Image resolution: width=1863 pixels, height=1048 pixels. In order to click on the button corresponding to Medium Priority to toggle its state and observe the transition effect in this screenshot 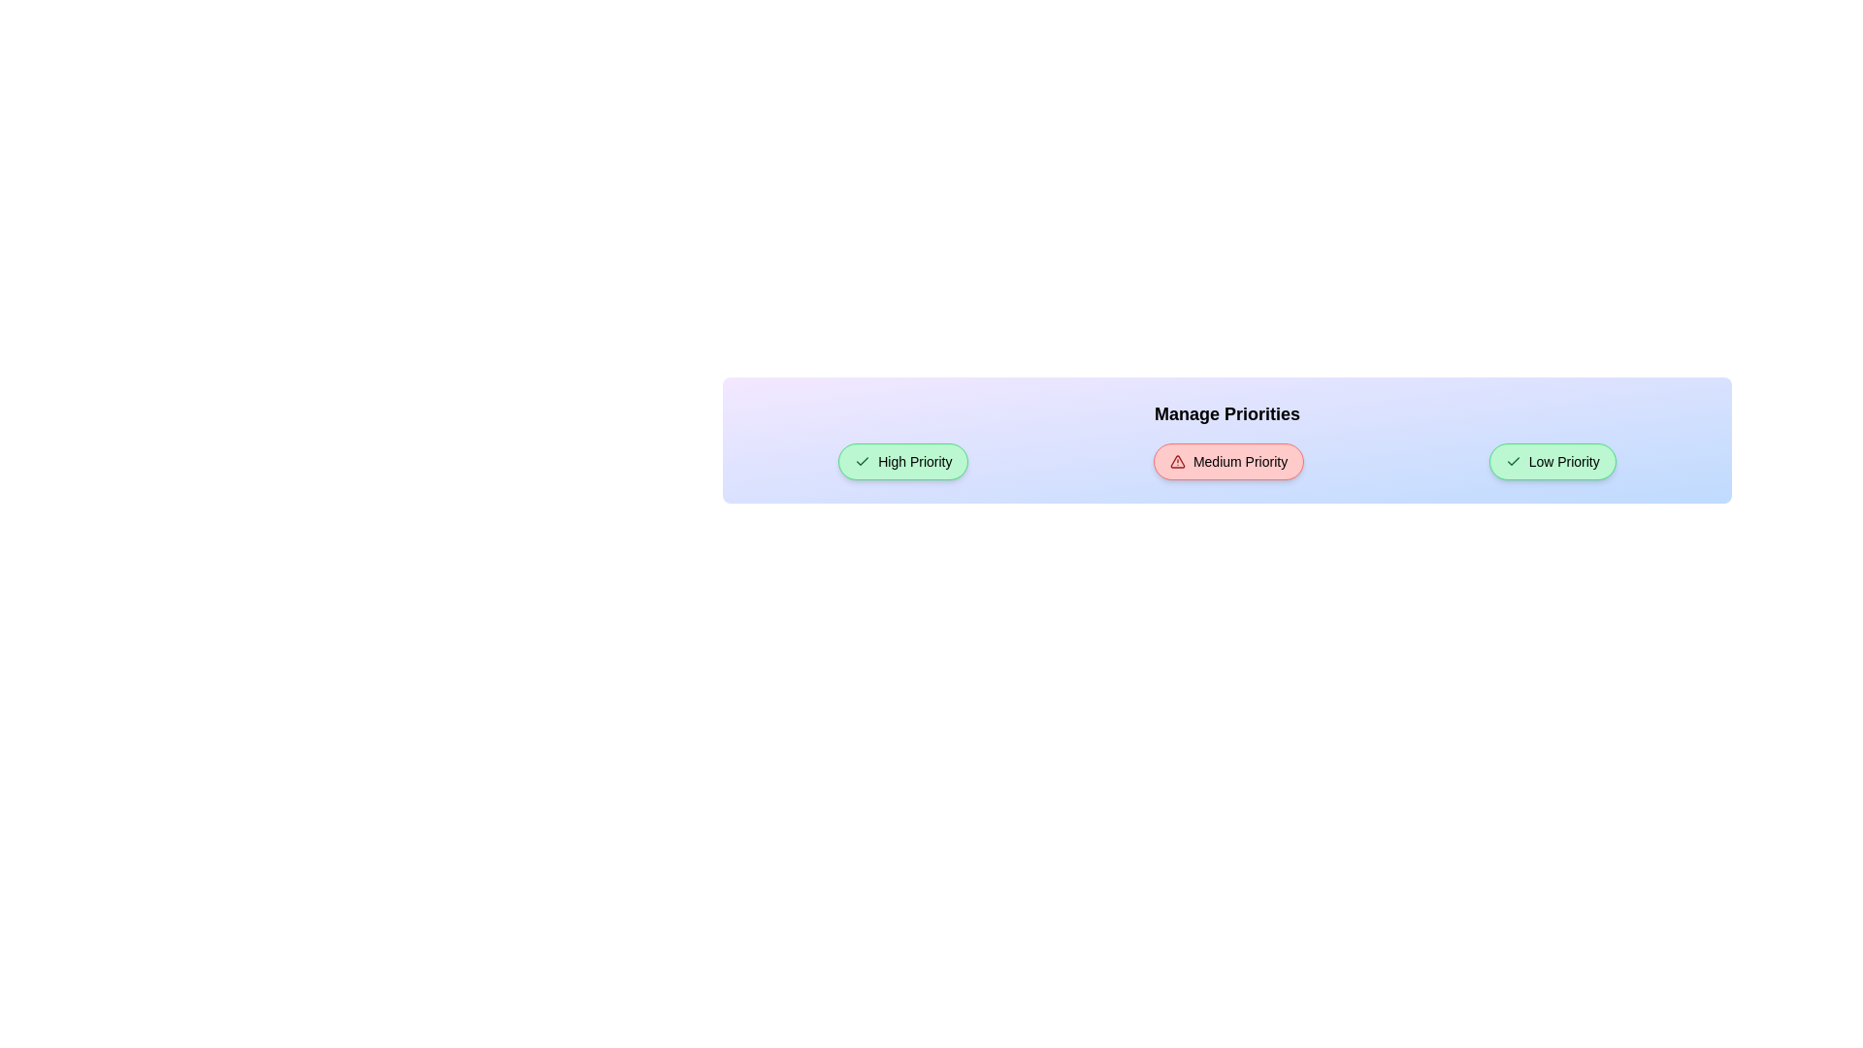, I will do `click(1227, 461)`.